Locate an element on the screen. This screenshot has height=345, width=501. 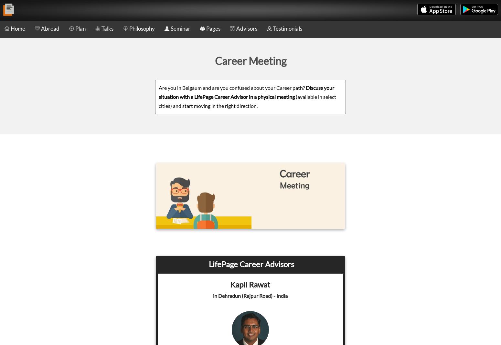
'Abroad' is located at coordinates (50, 28).